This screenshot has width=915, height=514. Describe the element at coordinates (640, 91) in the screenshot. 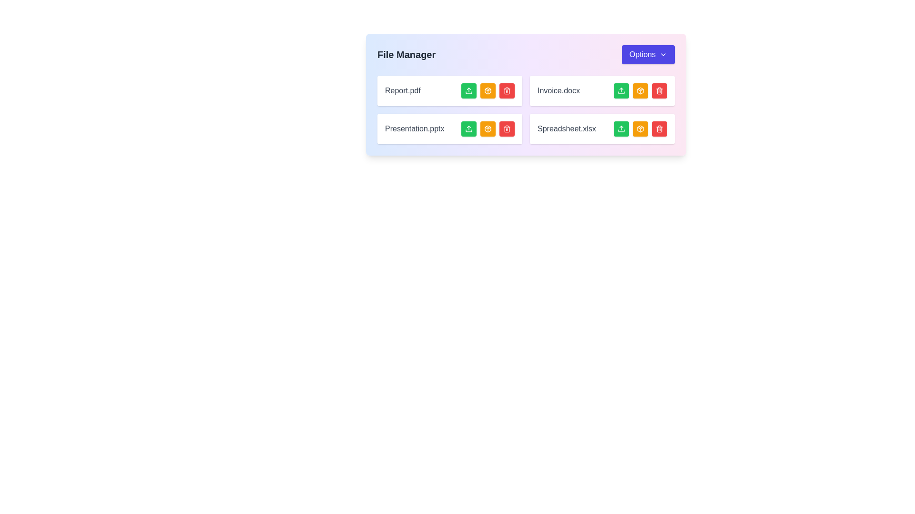

I see `the amber-colored archive button with a white icon, located on the far-right column of the 'Invoice.docx' row in the grid` at that location.